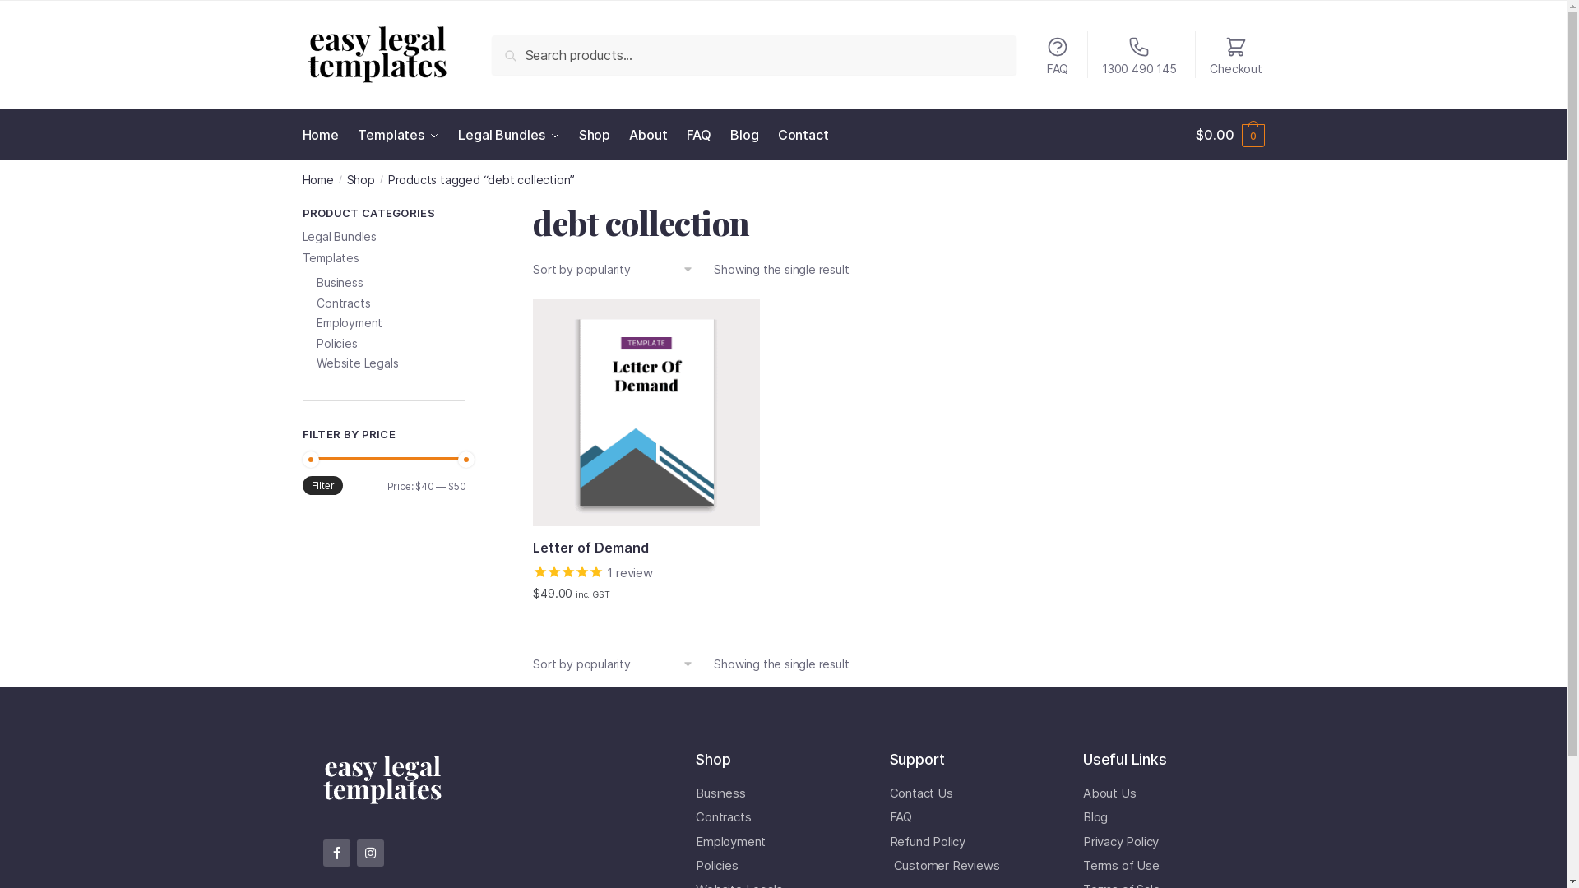 This screenshot has width=1579, height=888. Describe the element at coordinates (1229, 134) in the screenshot. I see `'$0.00 0'` at that location.